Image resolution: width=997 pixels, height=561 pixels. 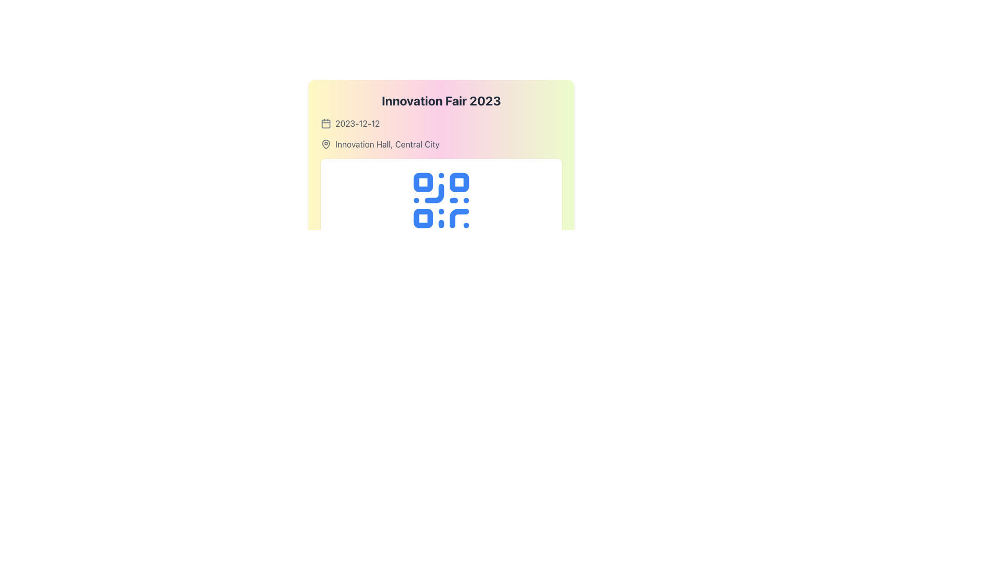 What do you see at coordinates (423, 218) in the screenshot?
I see `the square blue icon located at the bottom-left part of the QR code representation, which is the third square in the QR code grid` at bounding box center [423, 218].